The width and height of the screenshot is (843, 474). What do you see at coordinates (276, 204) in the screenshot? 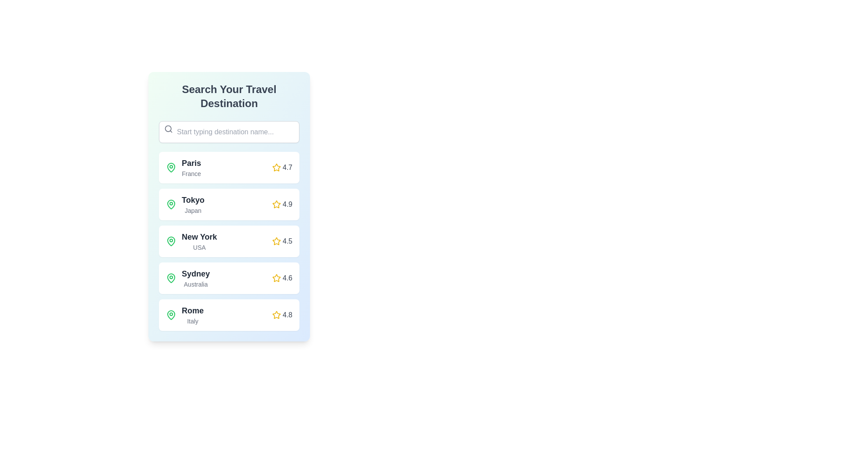
I see `the filled star icon with a yellow outline located in the 'Tokyo, Japan' row to rate it` at bounding box center [276, 204].